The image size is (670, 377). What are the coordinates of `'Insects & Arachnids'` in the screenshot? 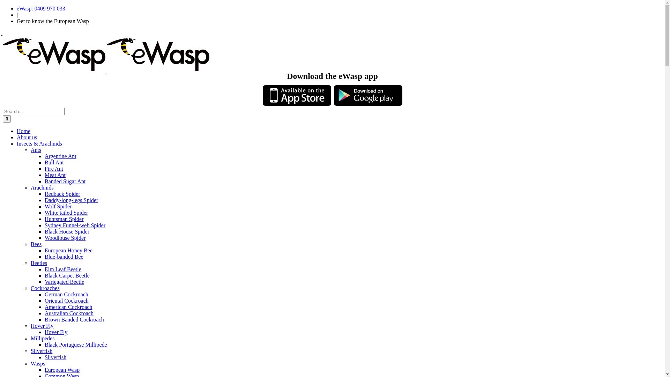 It's located at (39, 143).